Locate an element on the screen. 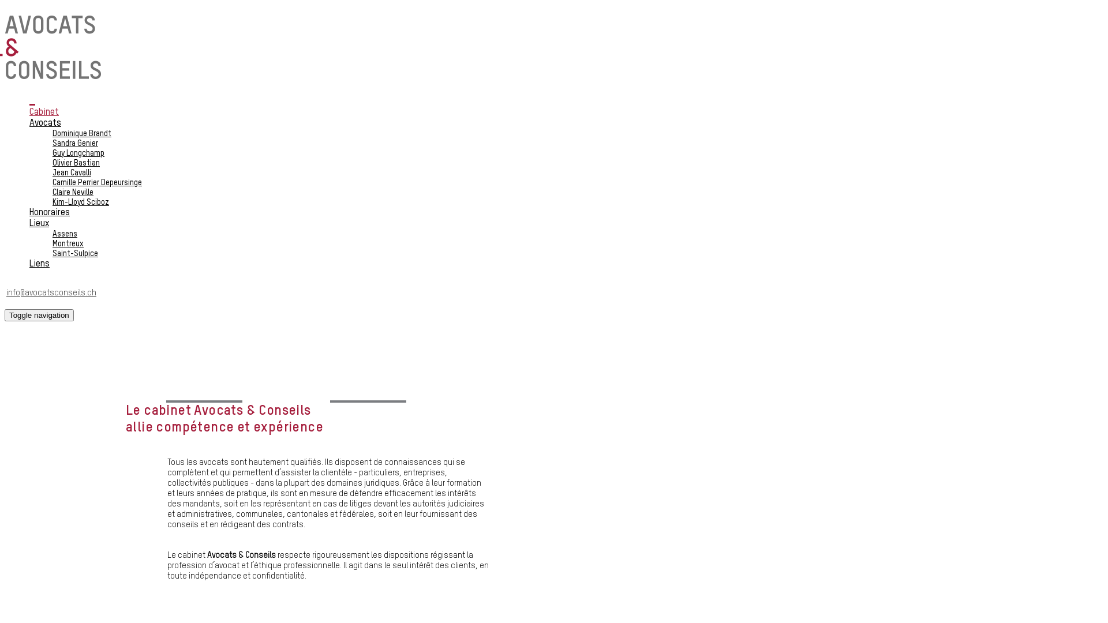  'Saint-Sulpice' is located at coordinates (50, 253).